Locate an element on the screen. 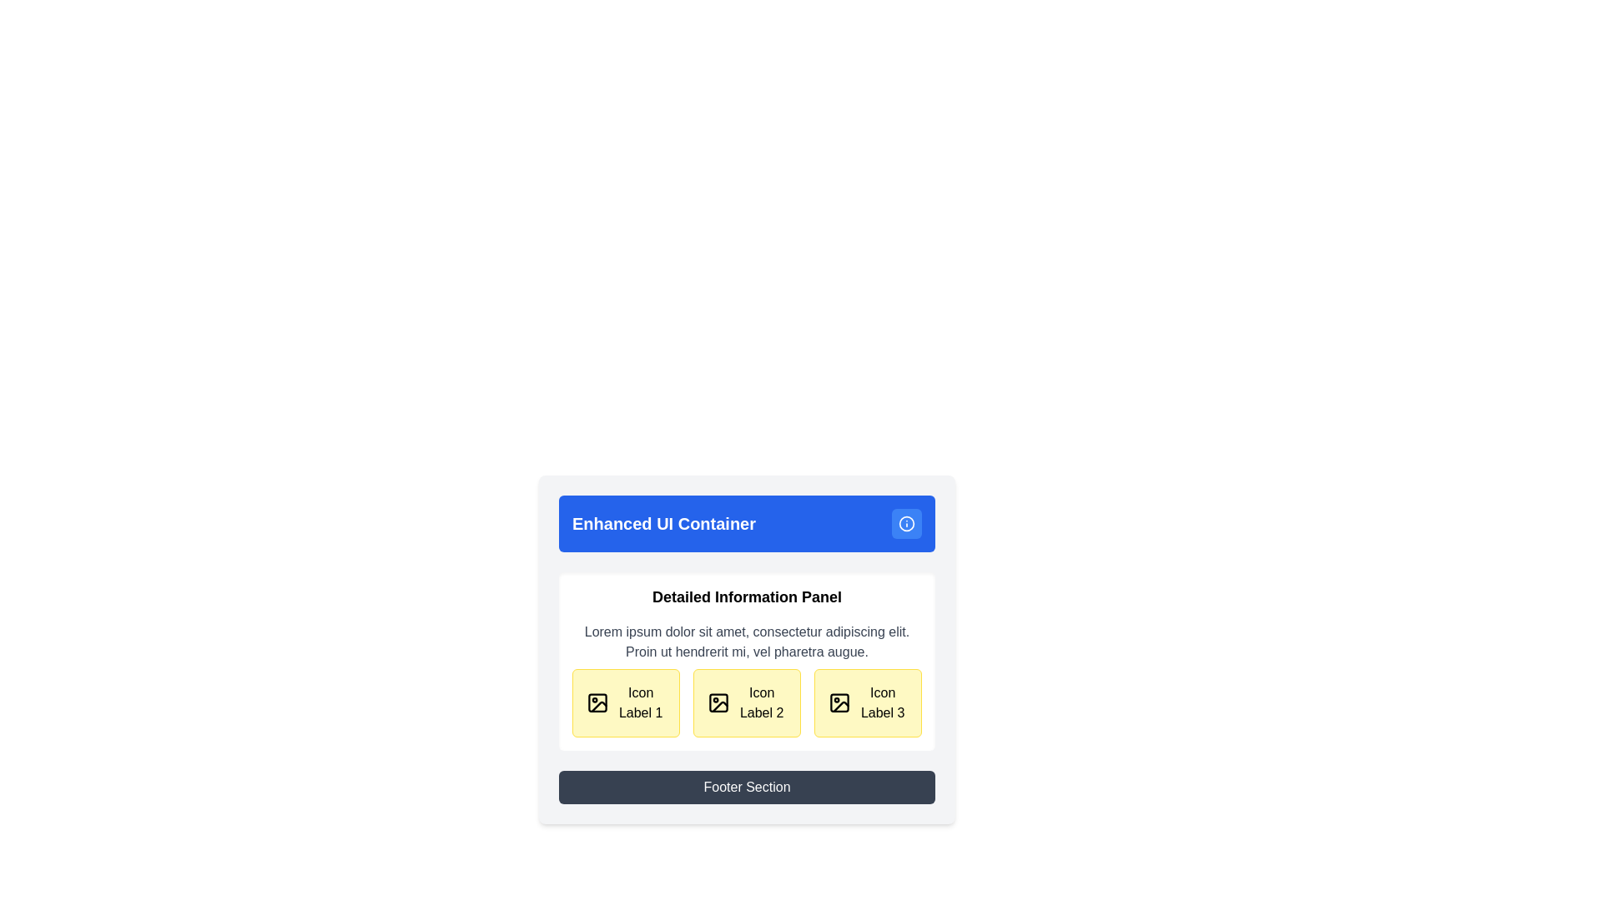 The image size is (1602, 901). the SVG rectangle component that is part of the second icon labeled 'Icon Label 2' within a row of three icons in the information panel is located at coordinates (718, 703).